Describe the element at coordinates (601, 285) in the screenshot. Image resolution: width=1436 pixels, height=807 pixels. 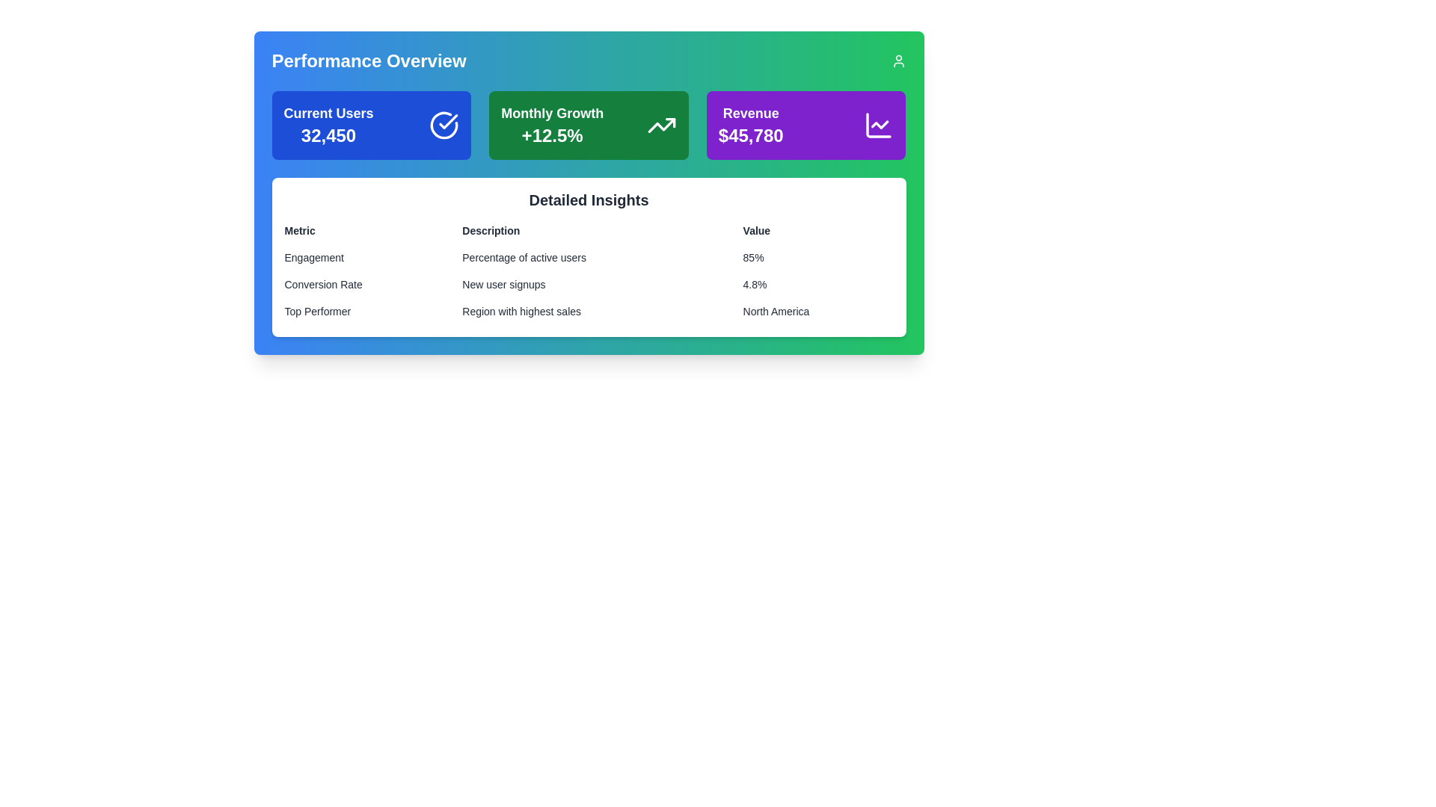
I see `the text content of the 'Conversion Rate' label in the 'Detailed Insights' section, located in the 'Description' column of the table, specifically in the second row between 'Engagement' and 'Top Performer'` at that location.